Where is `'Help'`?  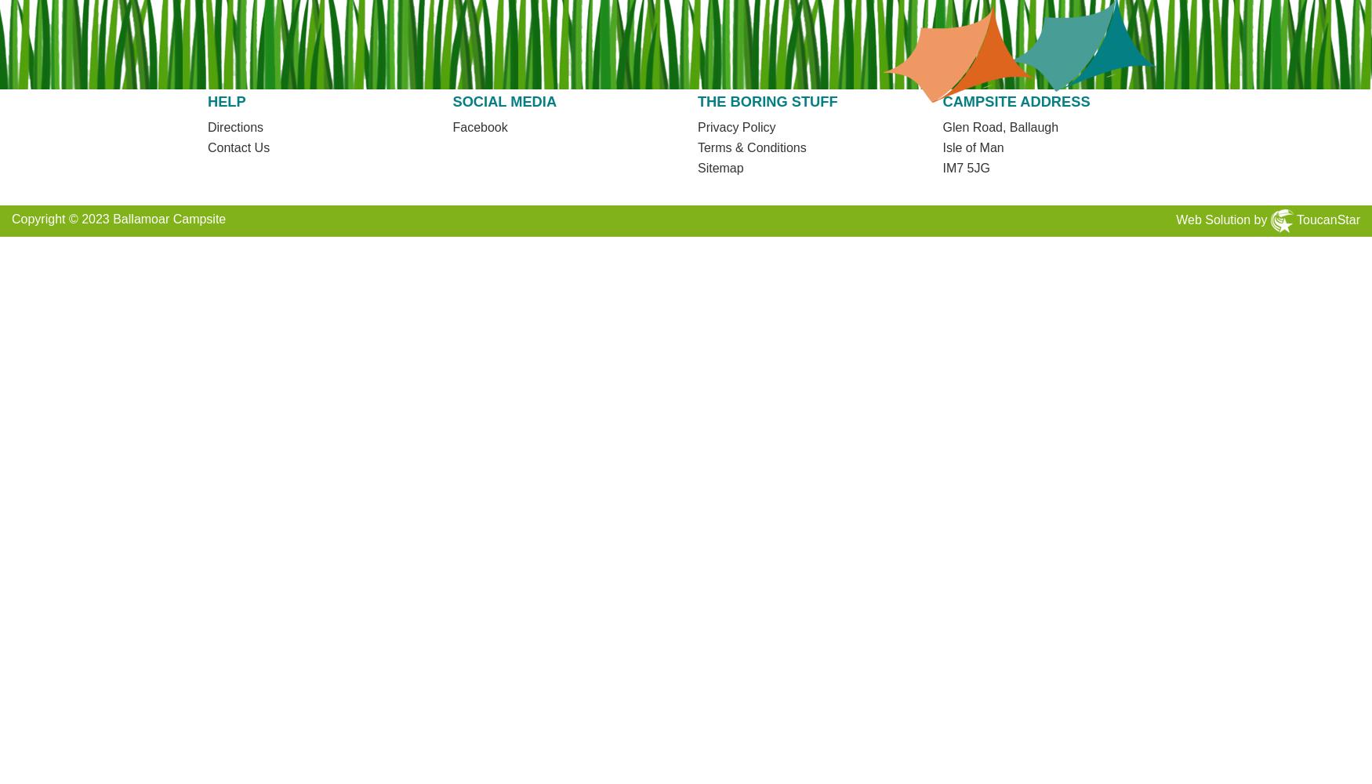 'Help' is located at coordinates (225, 100).